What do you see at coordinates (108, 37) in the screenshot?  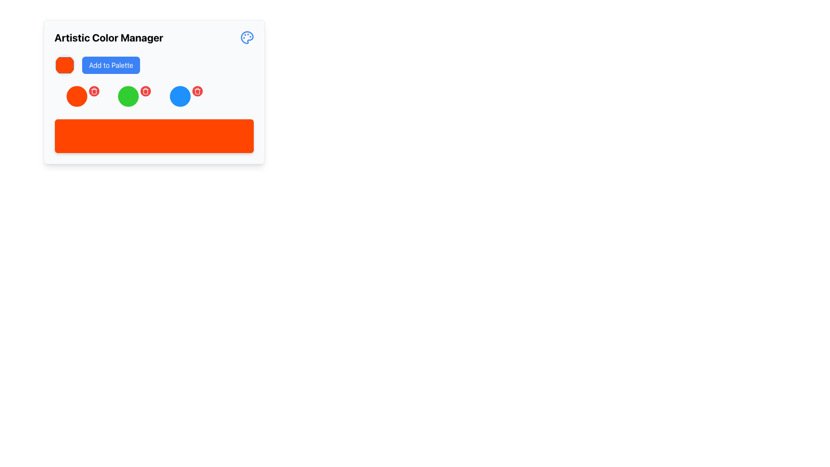 I see `the left-aligned heading text label at the upper section of the interface, which serves as a title or heading for the surrounding elements` at bounding box center [108, 37].